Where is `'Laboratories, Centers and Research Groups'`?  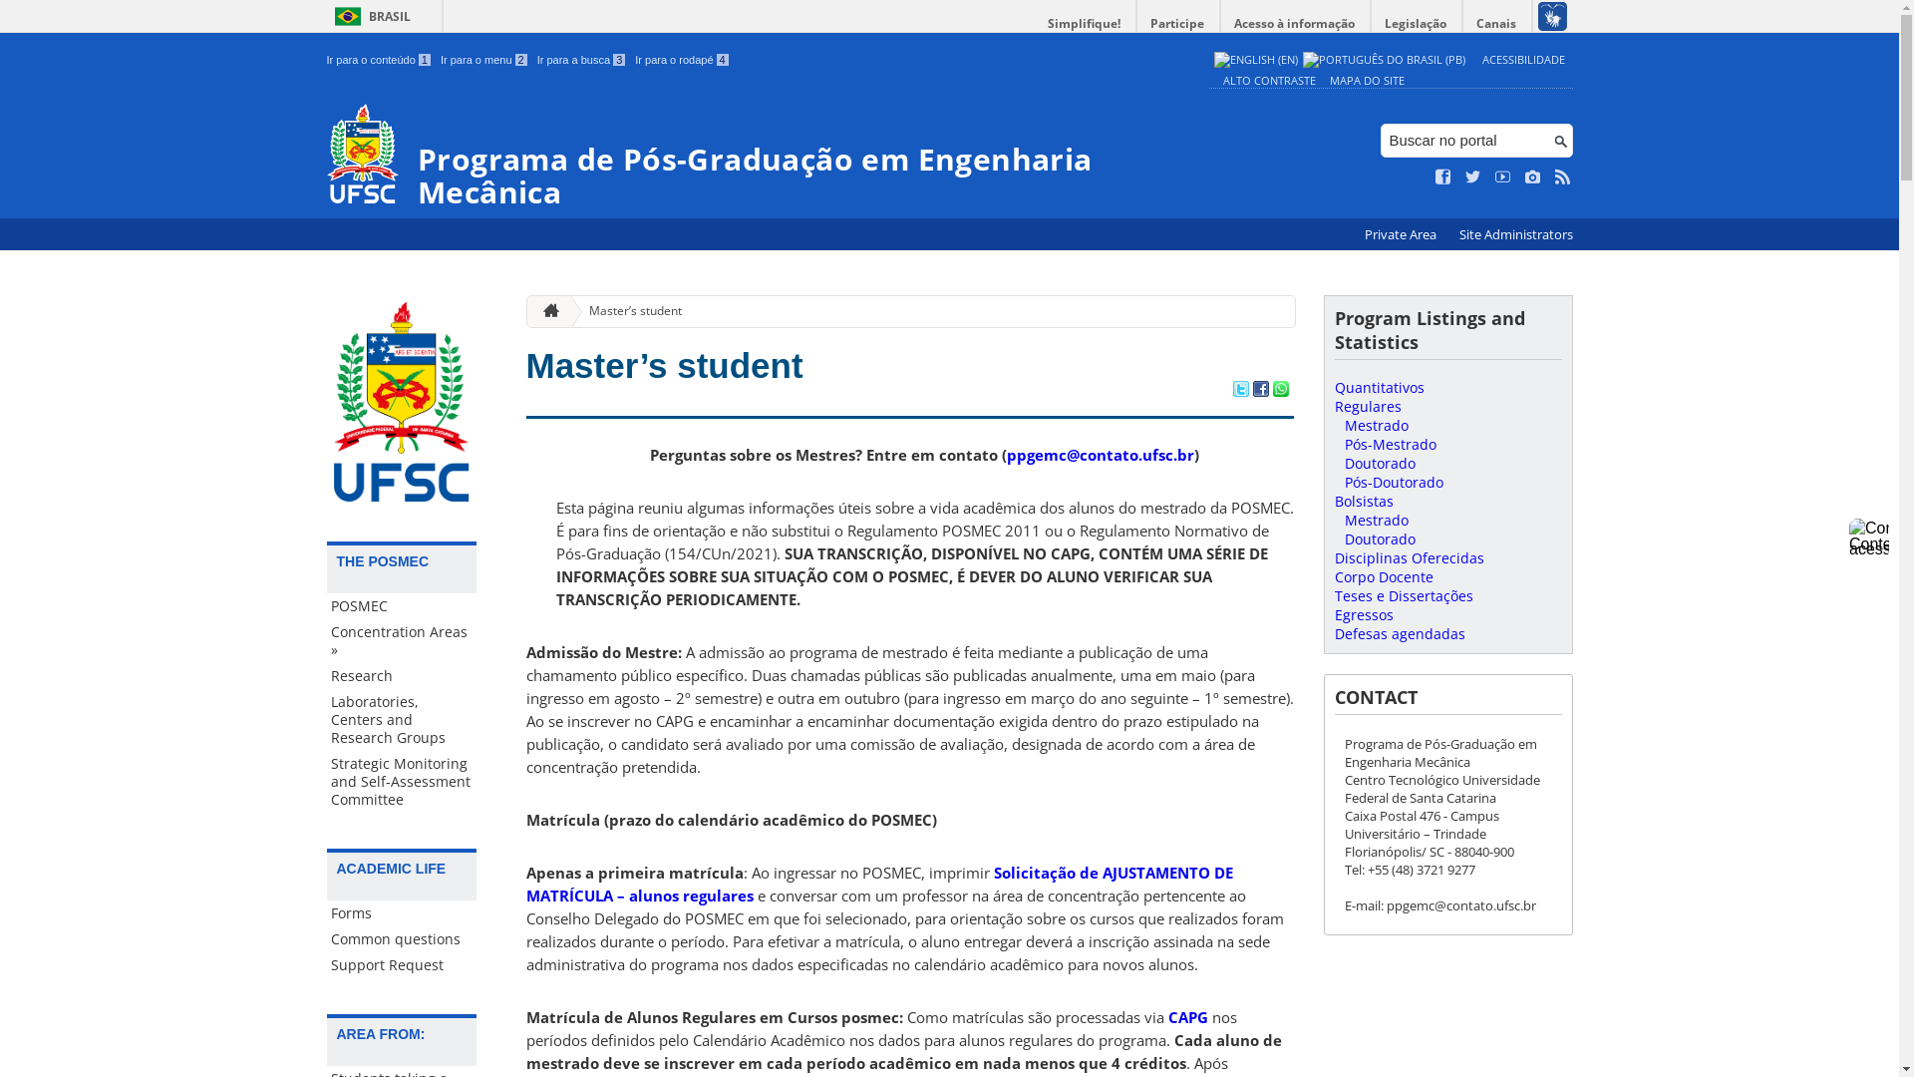 'Laboratories, Centers and Research Groups' is located at coordinates (326, 719).